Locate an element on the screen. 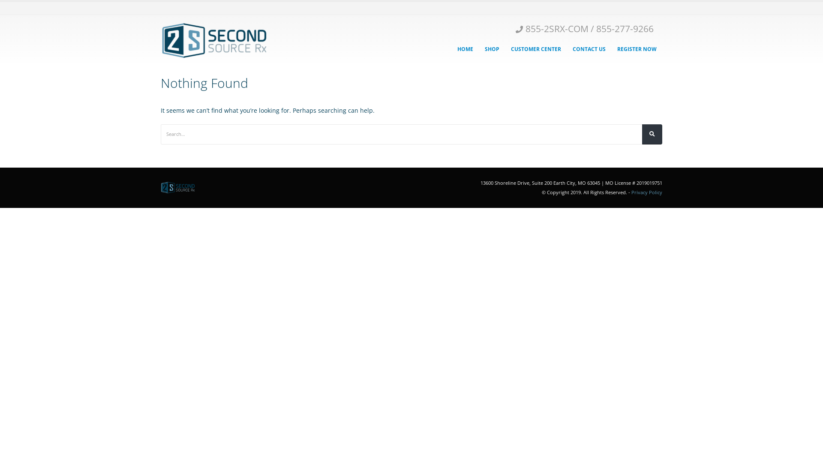  'CONTACT US' is located at coordinates (589, 49).